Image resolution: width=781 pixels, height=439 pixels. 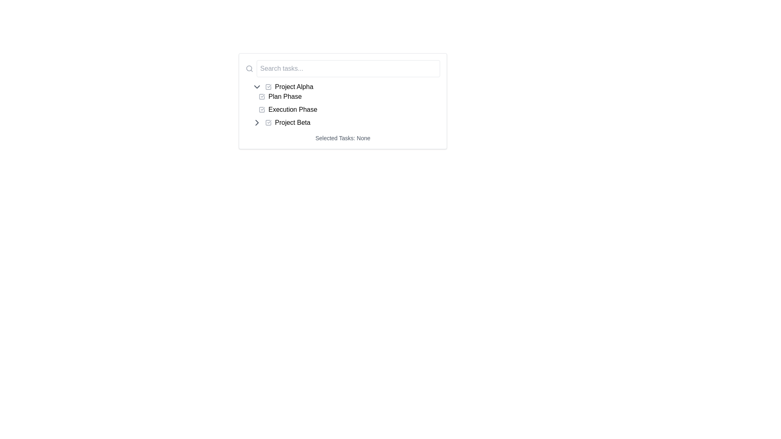 I want to click on the Chevron icon used for navigation or expansion, located to the left of the text 'Project Beta', to observe the color change, so click(x=257, y=122).